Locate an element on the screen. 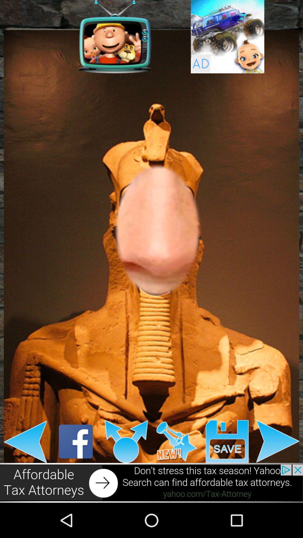 The width and height of the screenshot is (303, 538). the facebook icon is located at coordinates (76, 472).